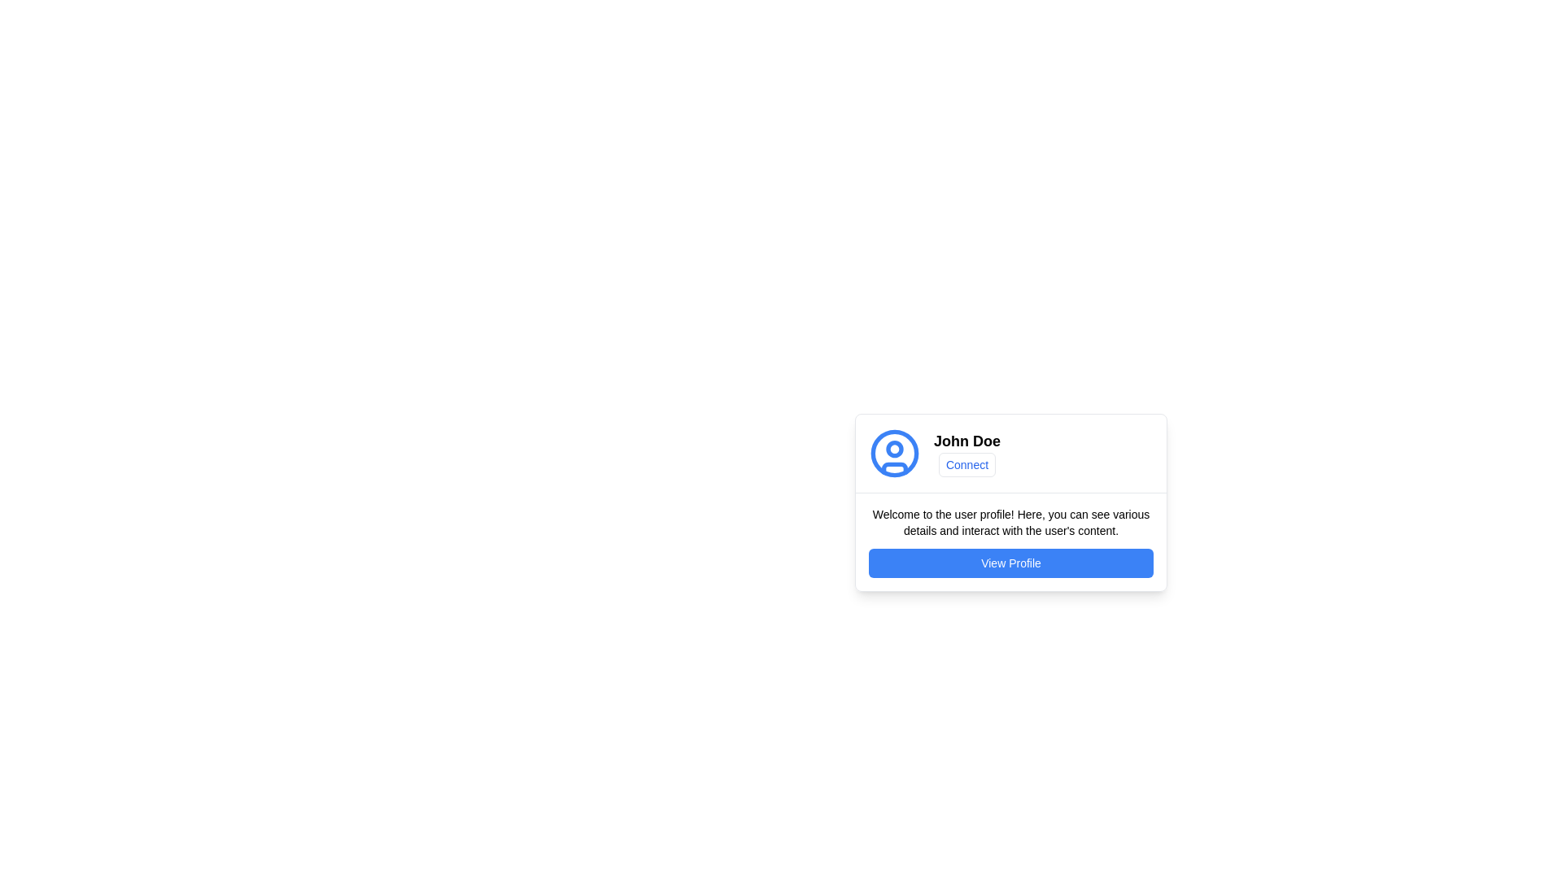 Image resolution: width=1562 pixels, height=878 pixels. What do you see at coordinates (1010, 563) in the screenshot?
I see `the 'View Profile' button, which is a blue rectangular button with white text and rounded corners located below the user profile description within a card component` at bounding box center [1010, 563].